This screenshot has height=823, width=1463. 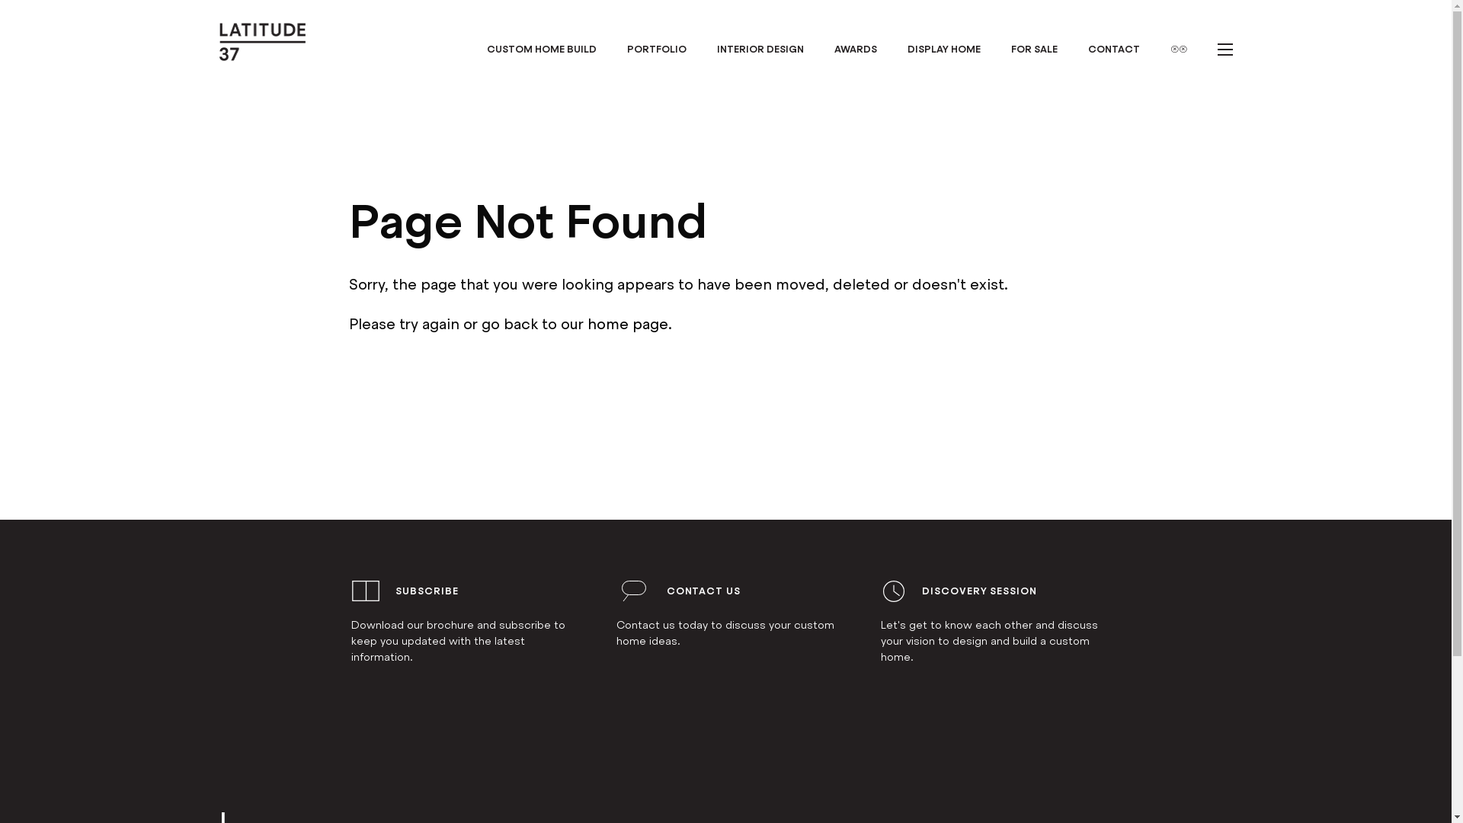 I want to click on 'Contact us today to discuss your custom home ideas.', so click(x=724, y=632).